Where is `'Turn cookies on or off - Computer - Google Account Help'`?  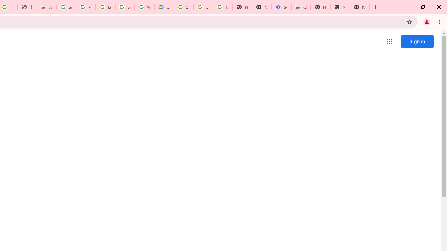 'Turn cookies on or off - Computer - Google Account Help' is located at coordinates (222, 7).